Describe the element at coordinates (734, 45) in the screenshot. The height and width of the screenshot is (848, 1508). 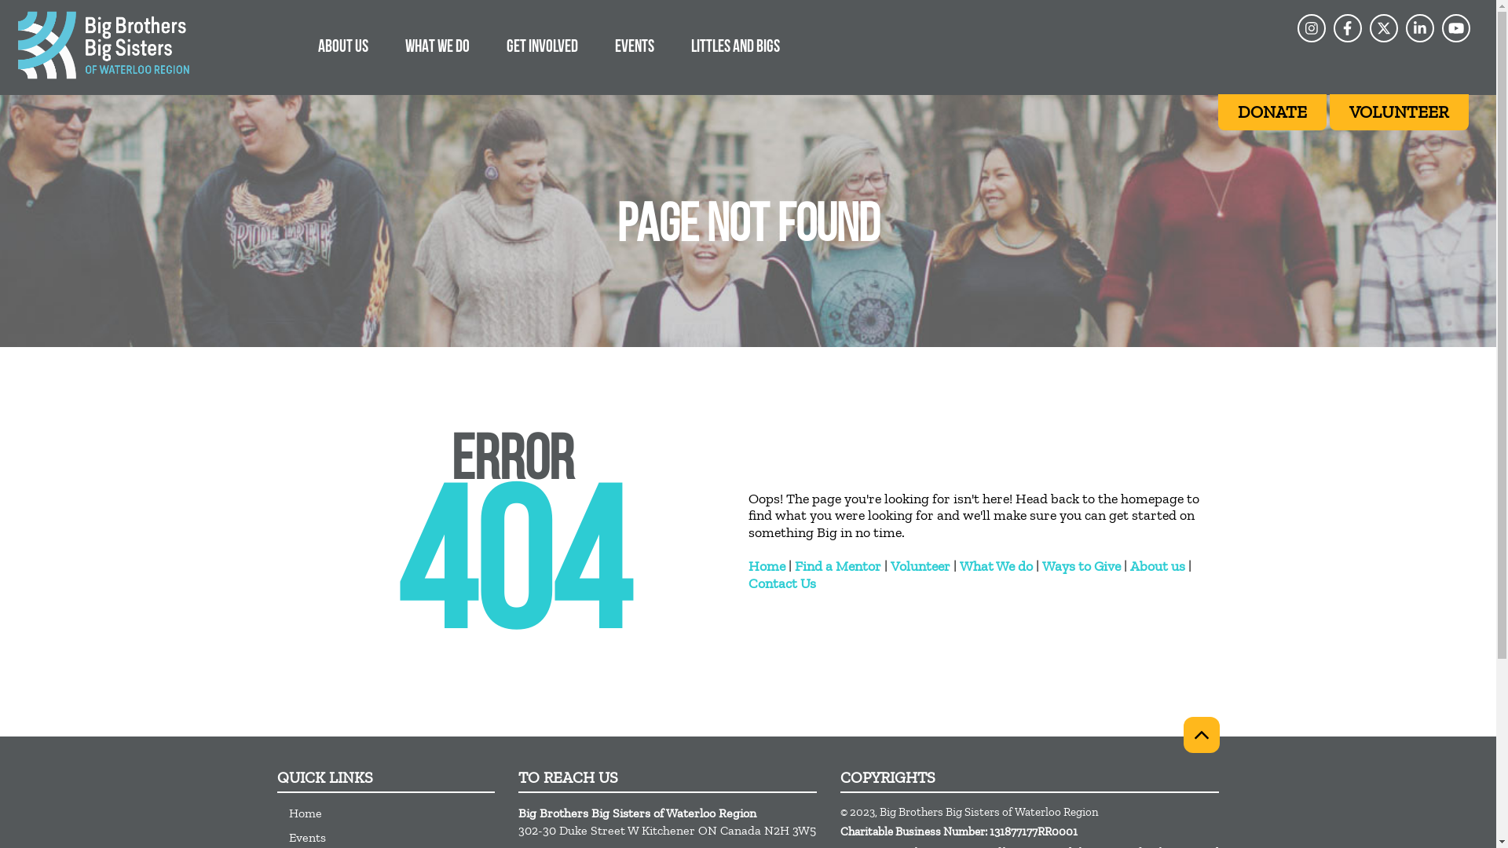
I see `'LITTLES AND BIGS'` at that location.